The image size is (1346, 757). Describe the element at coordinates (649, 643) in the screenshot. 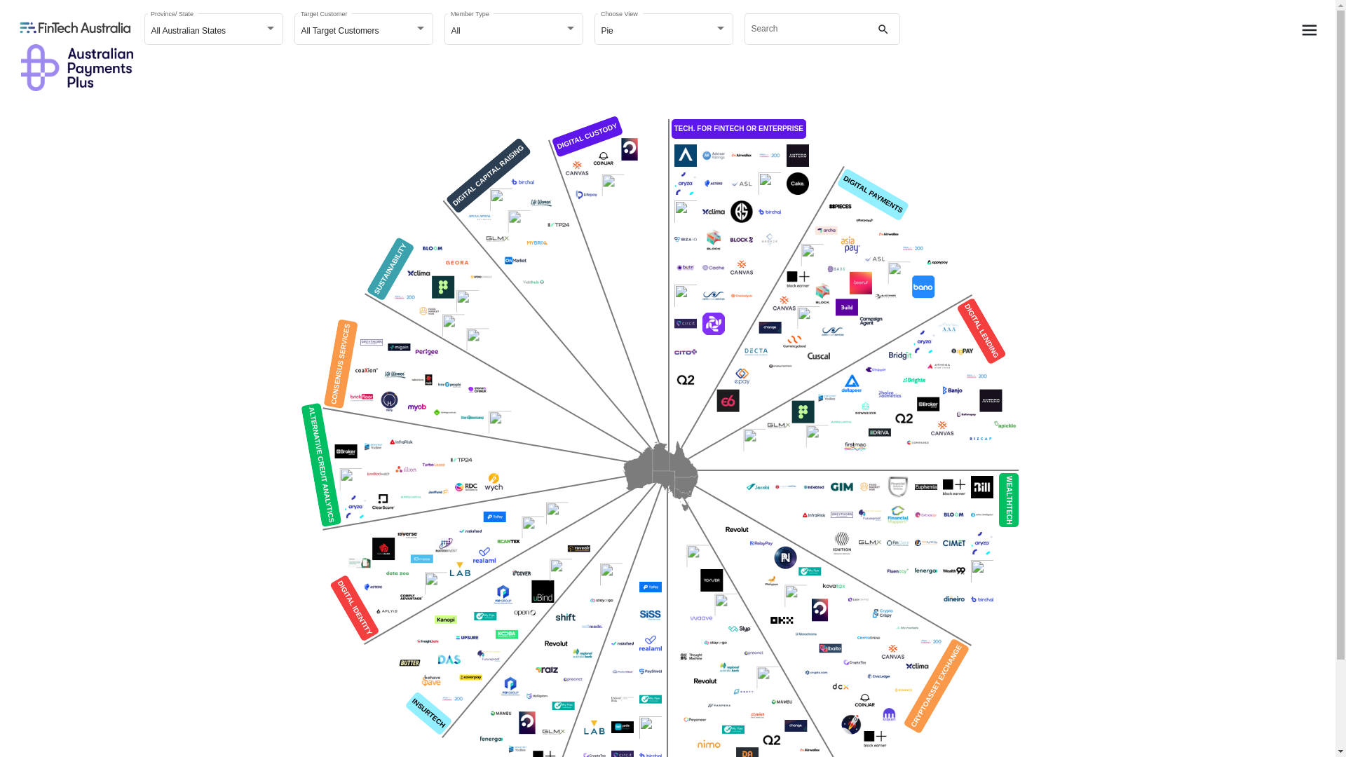

I see `'RealAML Australia Pty Ltd'` at that location.